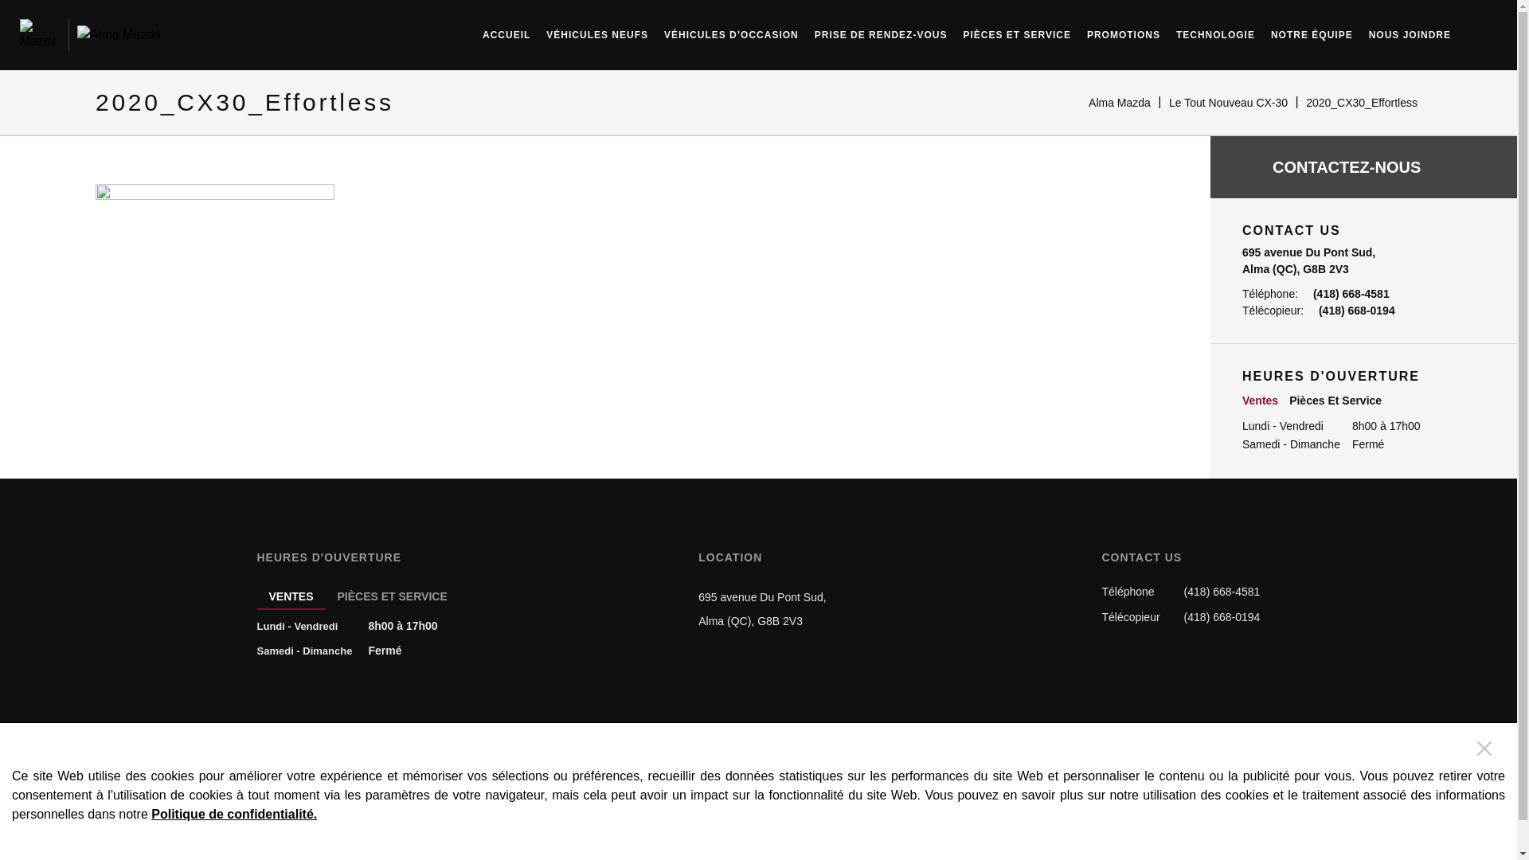 The height and width of the screenshot is (860, 1529). Describe the element at coordinates (1227, 102) in the screenshot. I see `'Le Tout Nouveau CX-30'` at that location.